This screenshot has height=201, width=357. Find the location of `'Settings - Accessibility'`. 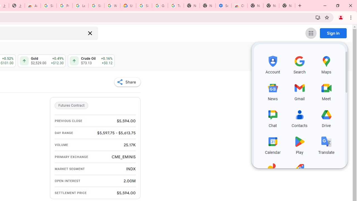

'Settings - Accessibility' is located at coordinates (223, 6).